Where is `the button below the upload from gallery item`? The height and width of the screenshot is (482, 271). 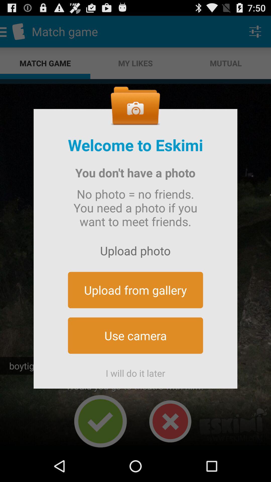 the button below the upload from gallery item is located at coordinates (135, 335).